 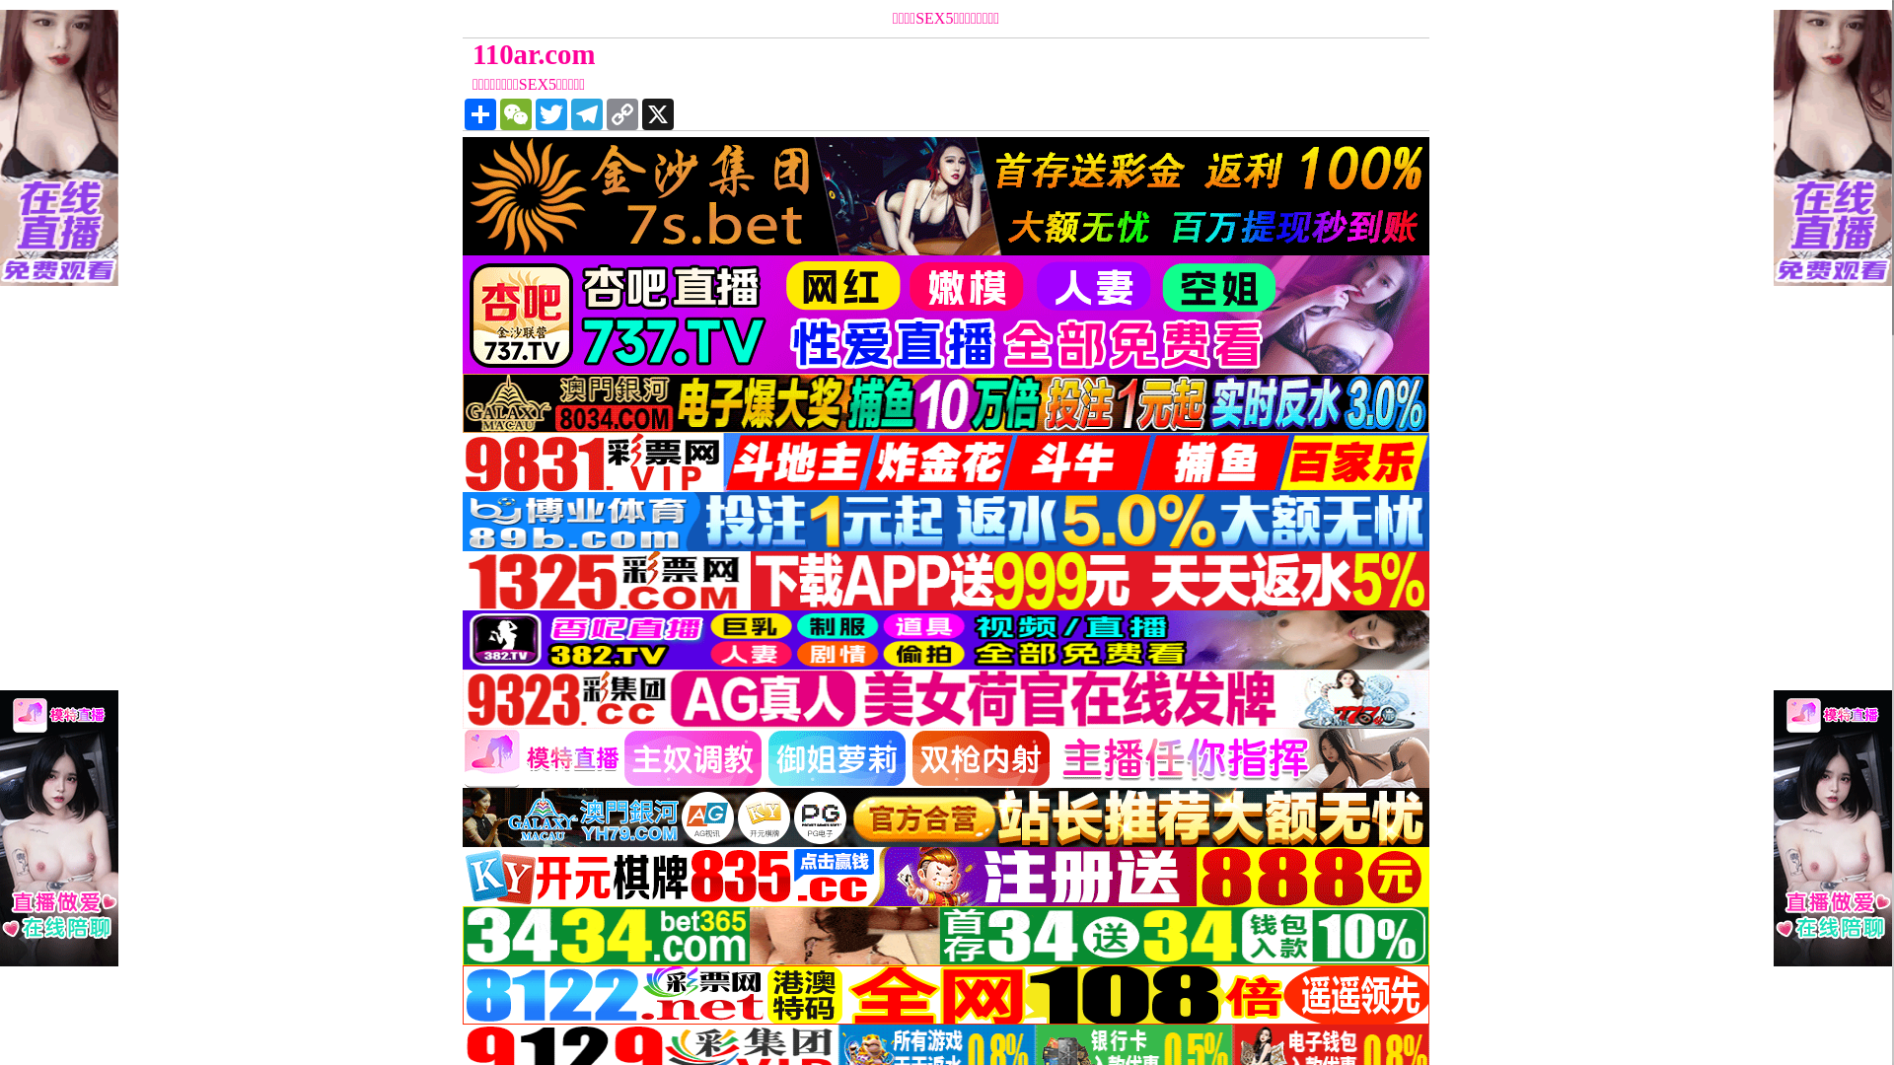 What do you see at coordinates (620, 113) in the screenshot?
I see `'Copy Link'` at bounding box center [620, 113].